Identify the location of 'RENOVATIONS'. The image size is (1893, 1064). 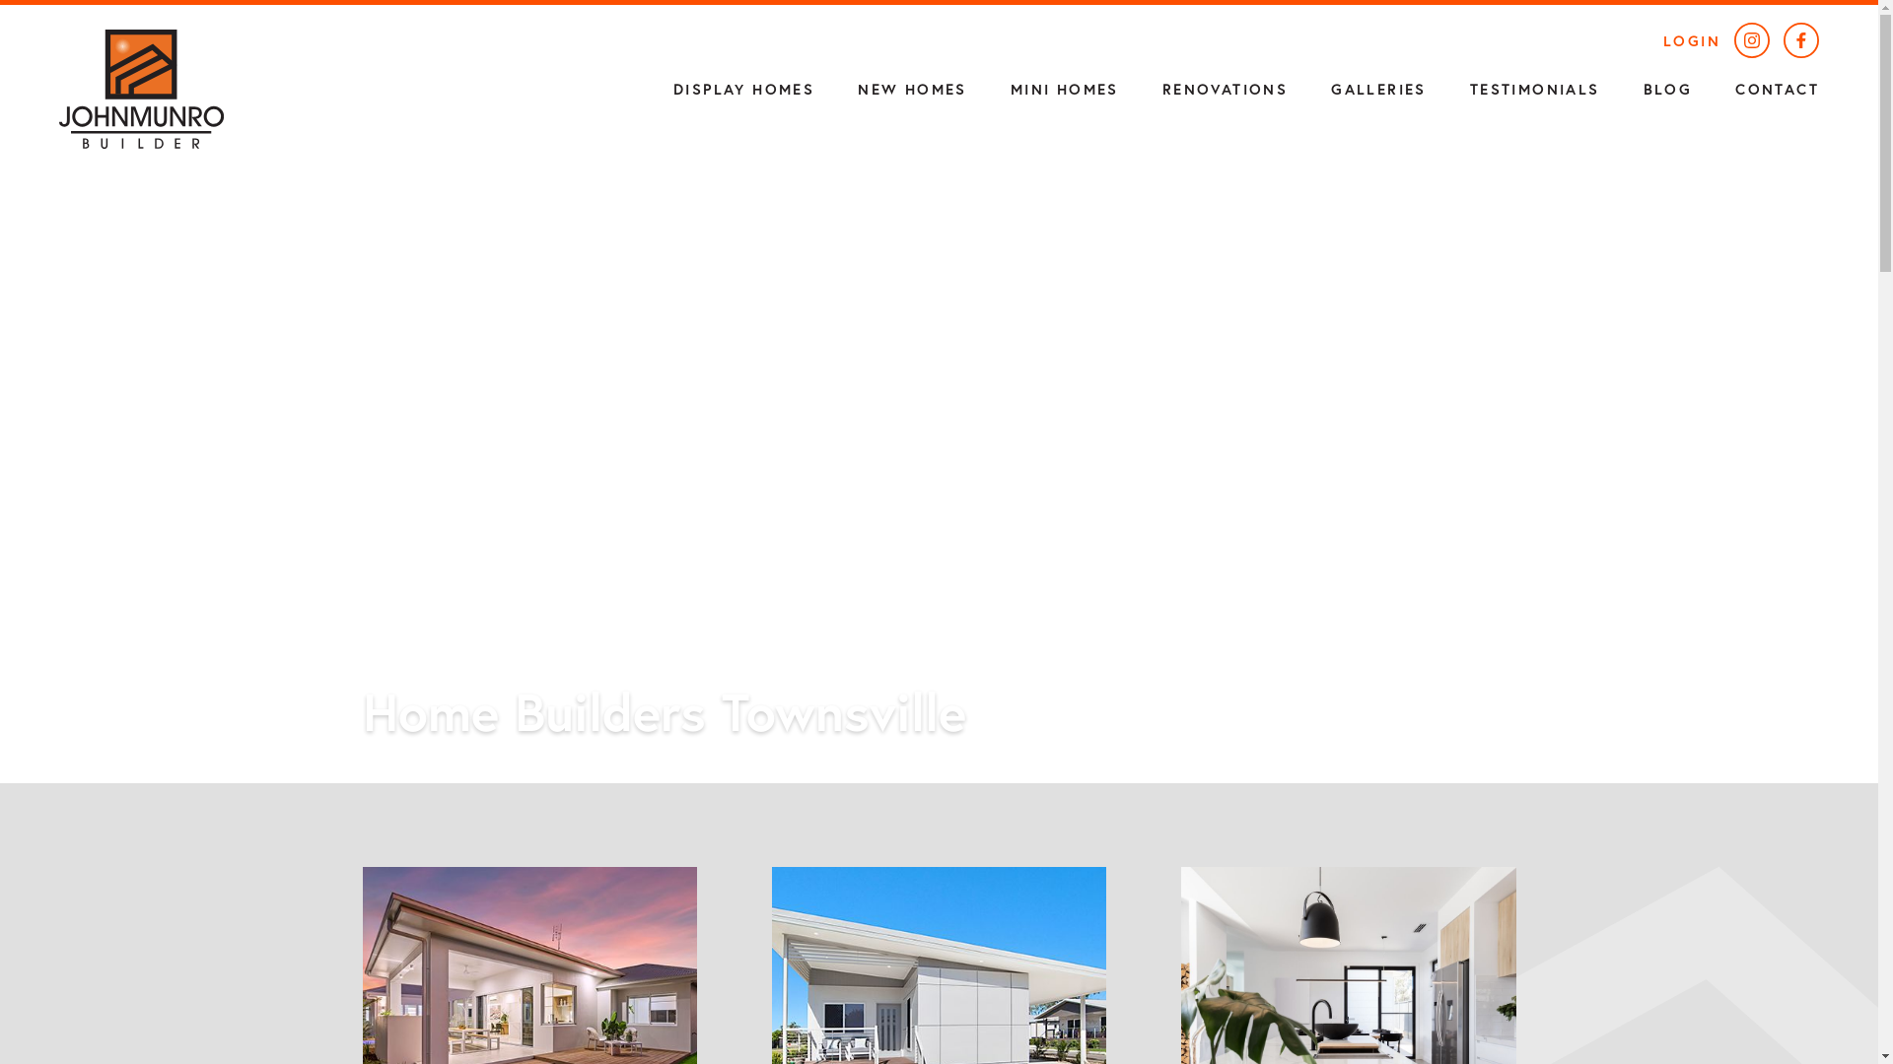
(1224, 87).